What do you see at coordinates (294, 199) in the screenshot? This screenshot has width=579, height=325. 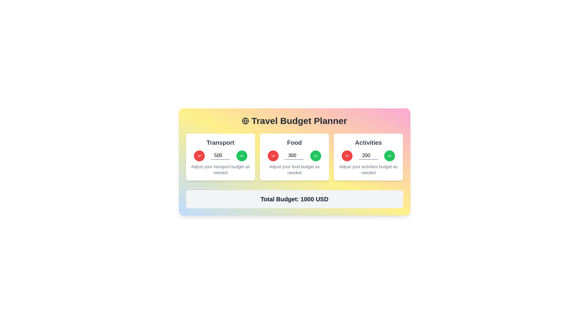 I see `text content from the bolded label displaying 'Total Budget: 1000 USD', which is located in a light gray rounded rectangle at the bottom area of the interface` at bounding box center [294, 199].